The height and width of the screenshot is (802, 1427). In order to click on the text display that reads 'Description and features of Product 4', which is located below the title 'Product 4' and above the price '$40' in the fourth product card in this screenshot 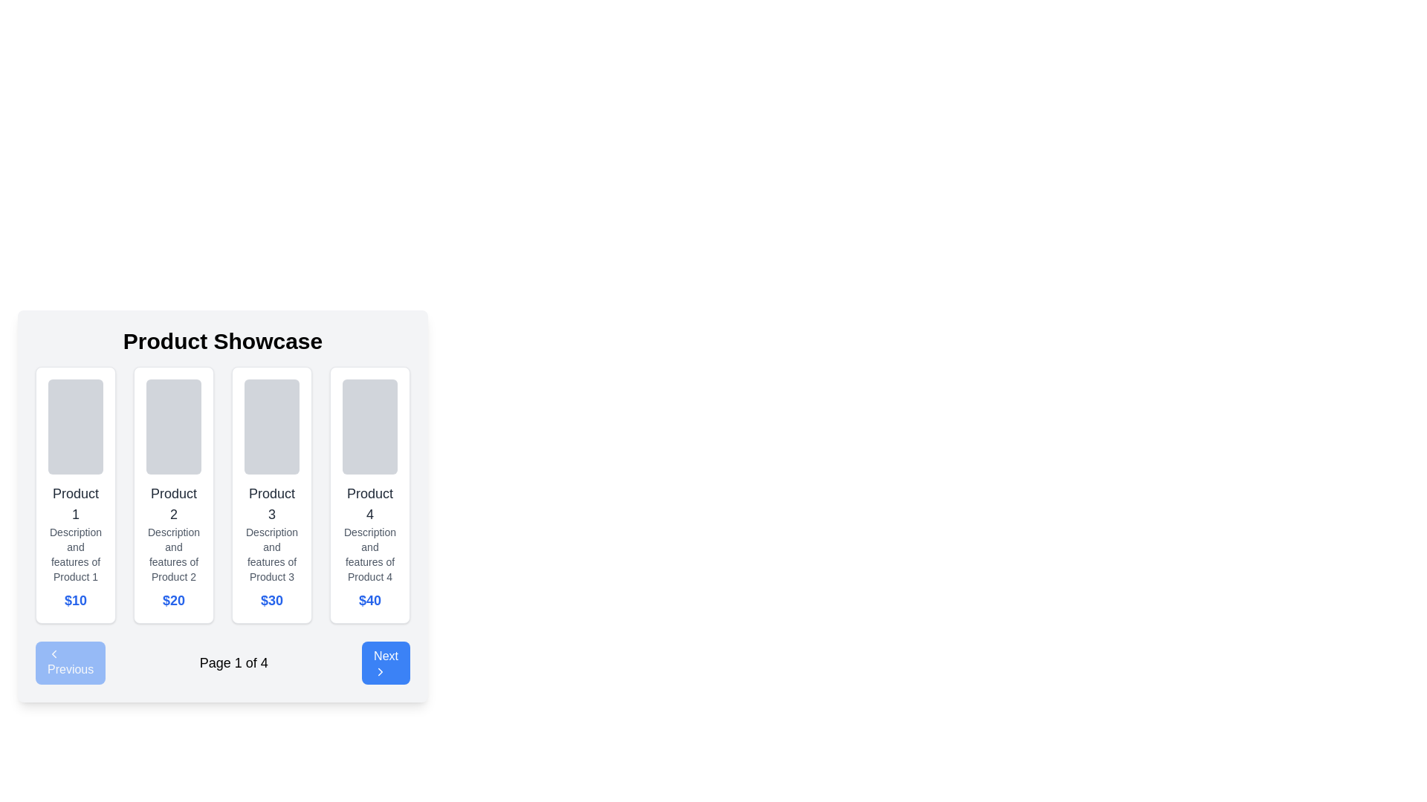, I will do `click(370, 555)`.